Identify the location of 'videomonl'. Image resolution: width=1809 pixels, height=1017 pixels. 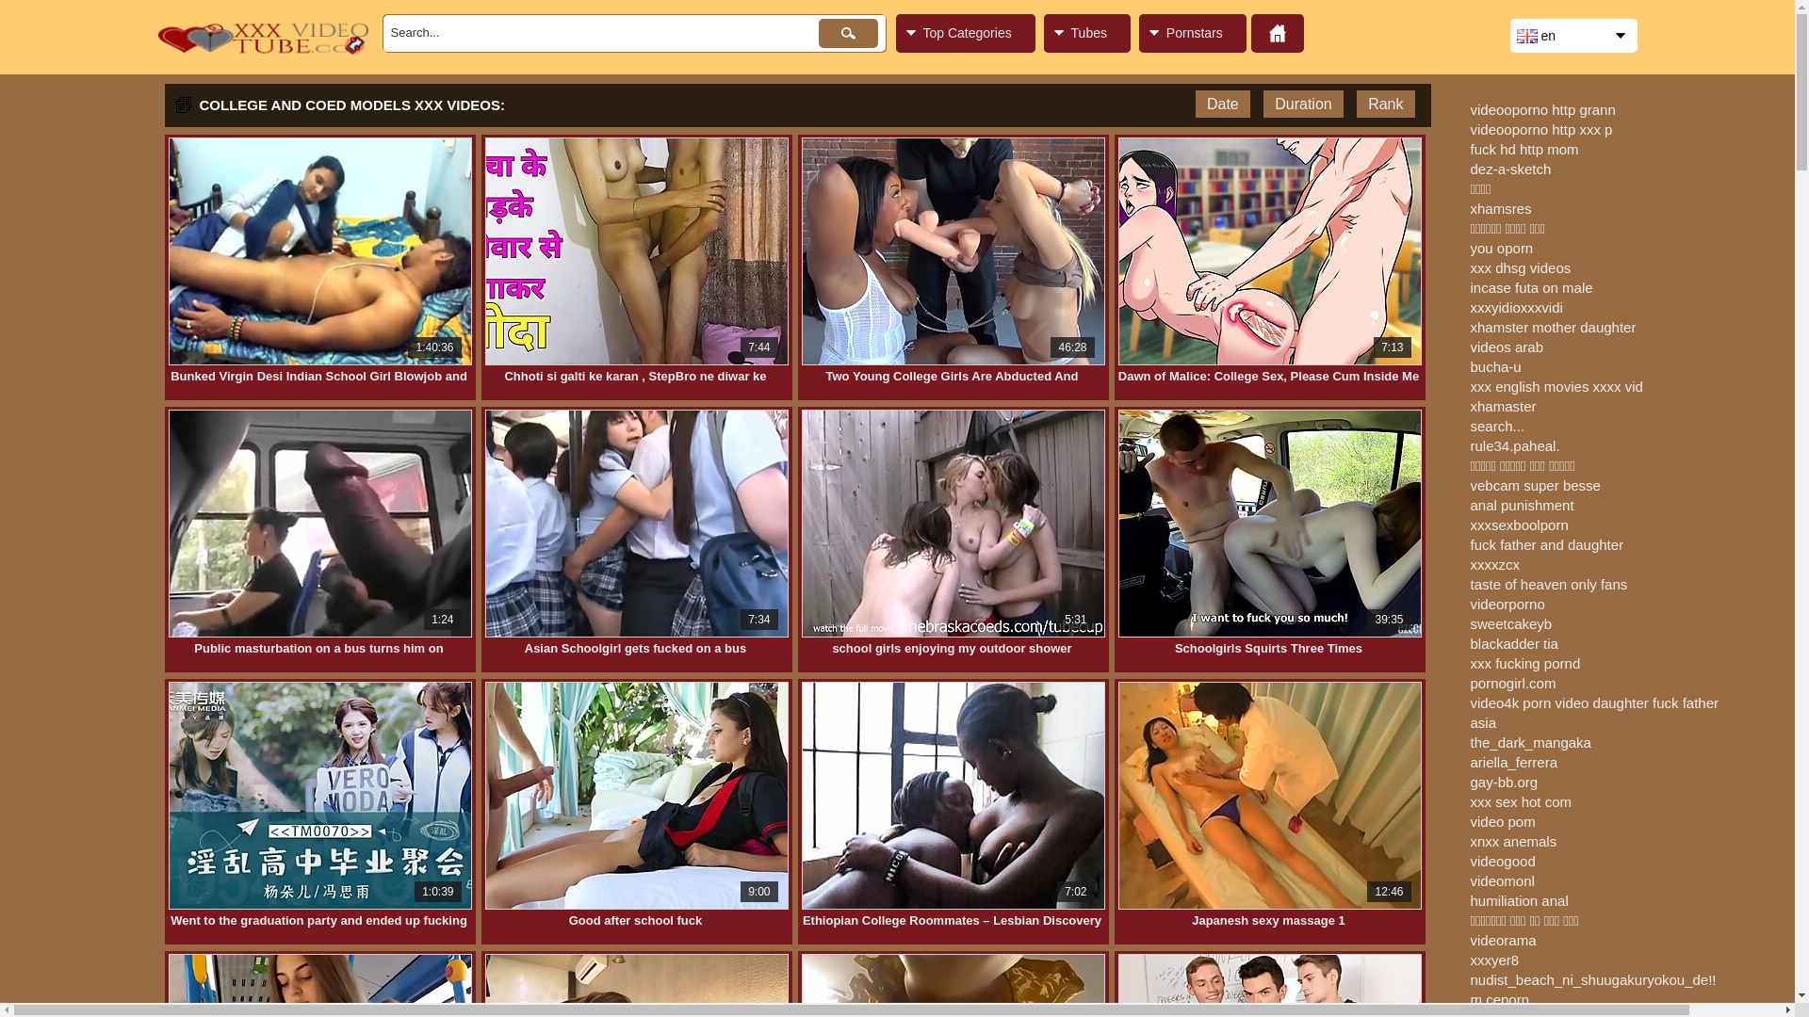
(1469, 880).